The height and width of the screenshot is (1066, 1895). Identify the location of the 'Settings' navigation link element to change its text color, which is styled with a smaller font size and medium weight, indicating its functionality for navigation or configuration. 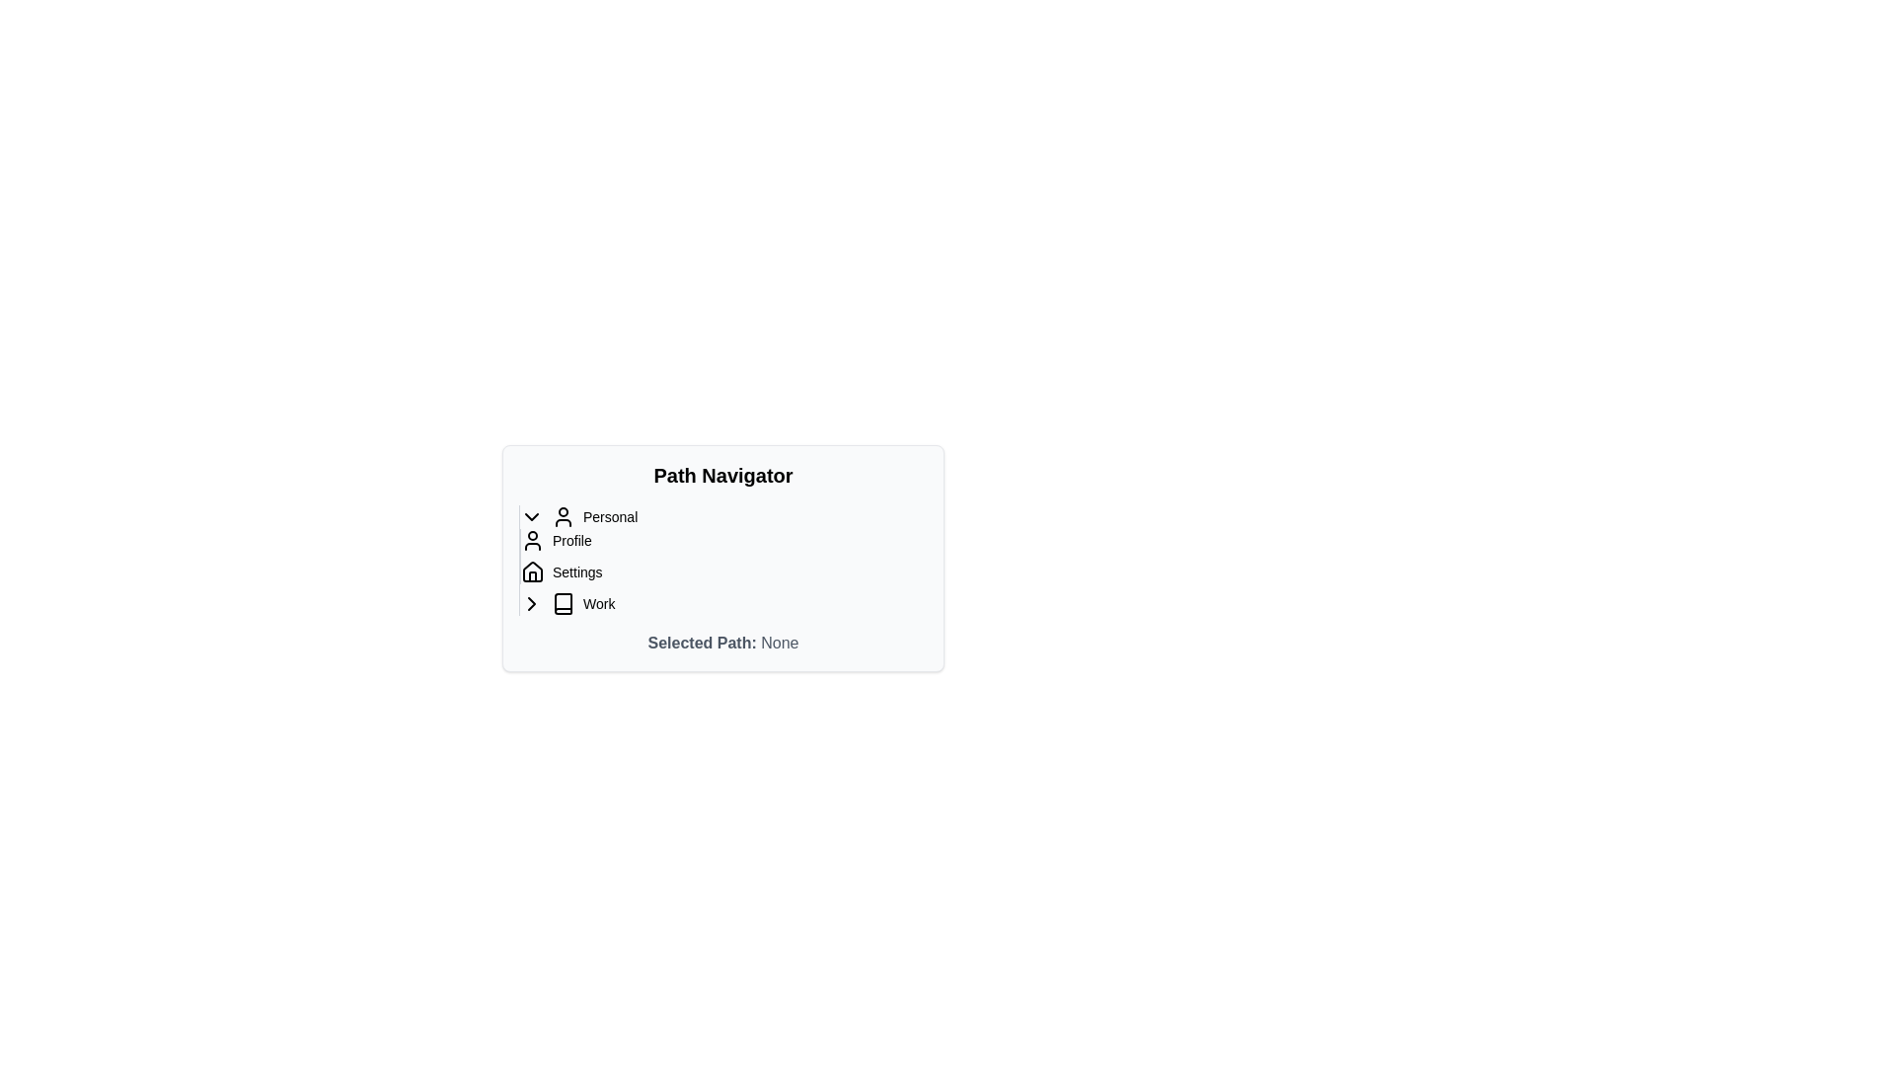
(561, 571).